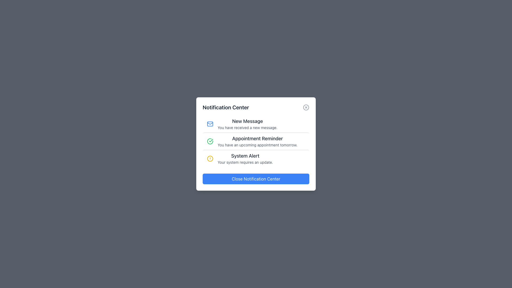 Image resolution: width=512 pixels, height=288 pixels. Describe the element at coordinates (245, 156) in the screenshot. I see `the Text label displaying 'System Alert', which is positioned in the middle of the notification card, serving as a header for the associated details` at that location.